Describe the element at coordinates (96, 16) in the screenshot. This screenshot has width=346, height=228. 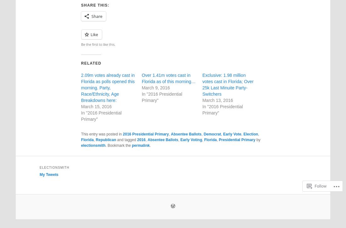
I see `'Share'` at that location.